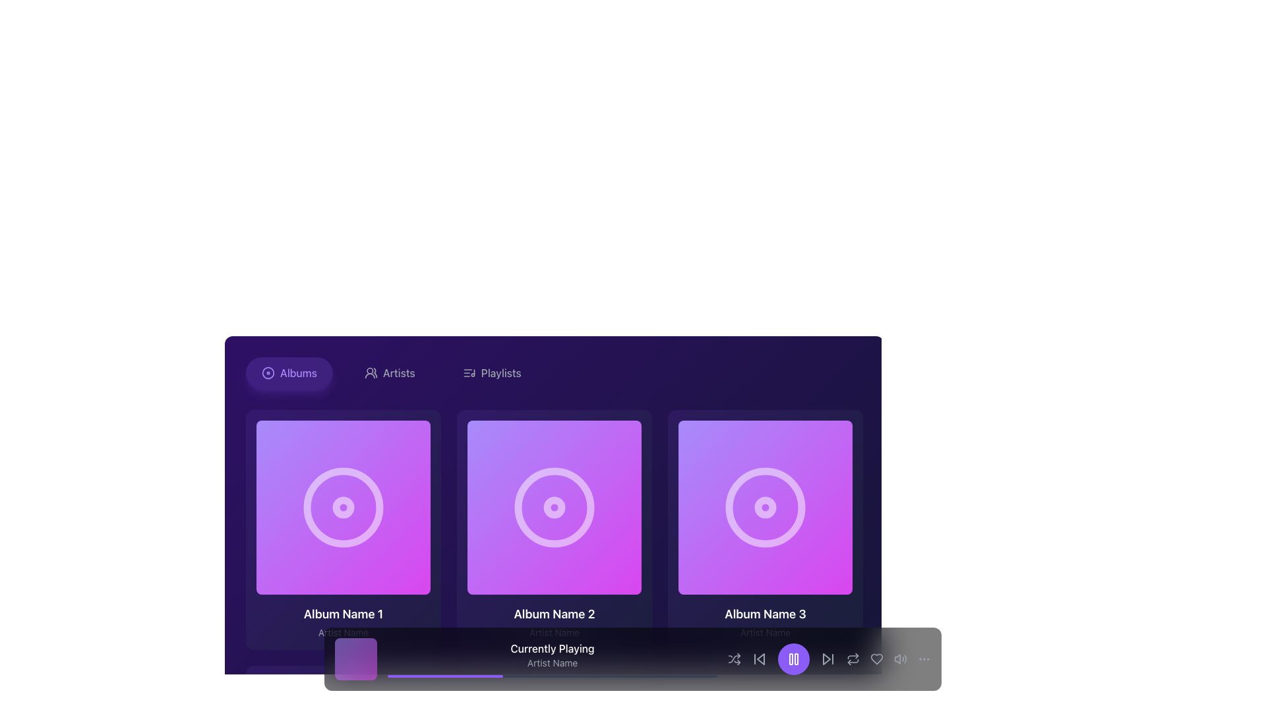  I want to click on the heart-shaped outline button located, so click(876, 659).